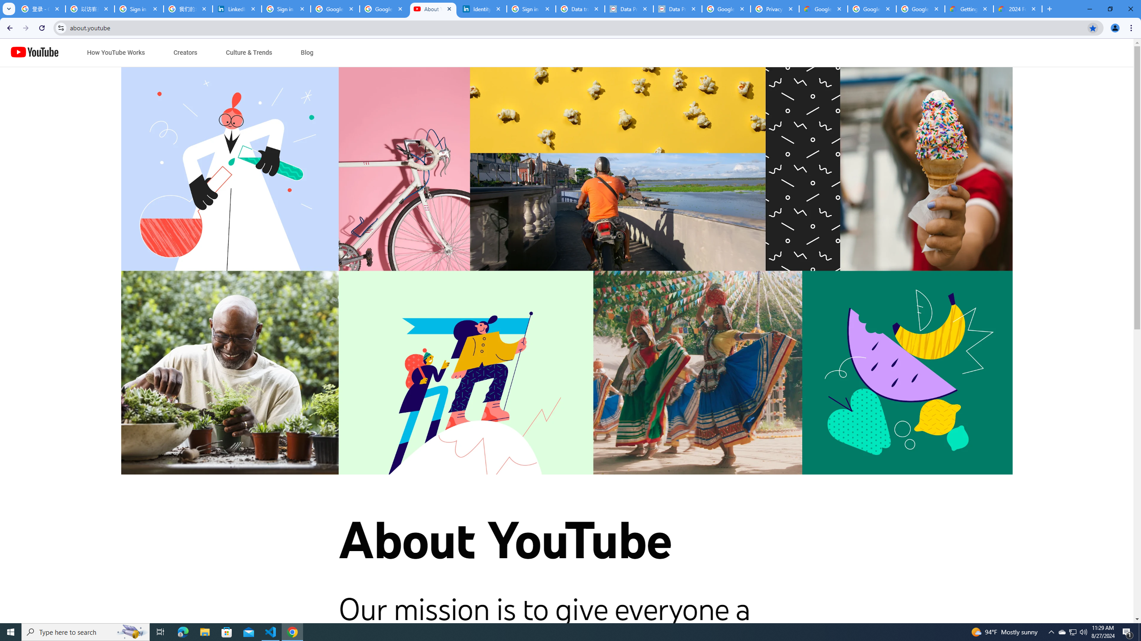  Describe the element at coordinates (433, 8) in the screenshot. I see `'About YouTube - YouTube'` at that location.